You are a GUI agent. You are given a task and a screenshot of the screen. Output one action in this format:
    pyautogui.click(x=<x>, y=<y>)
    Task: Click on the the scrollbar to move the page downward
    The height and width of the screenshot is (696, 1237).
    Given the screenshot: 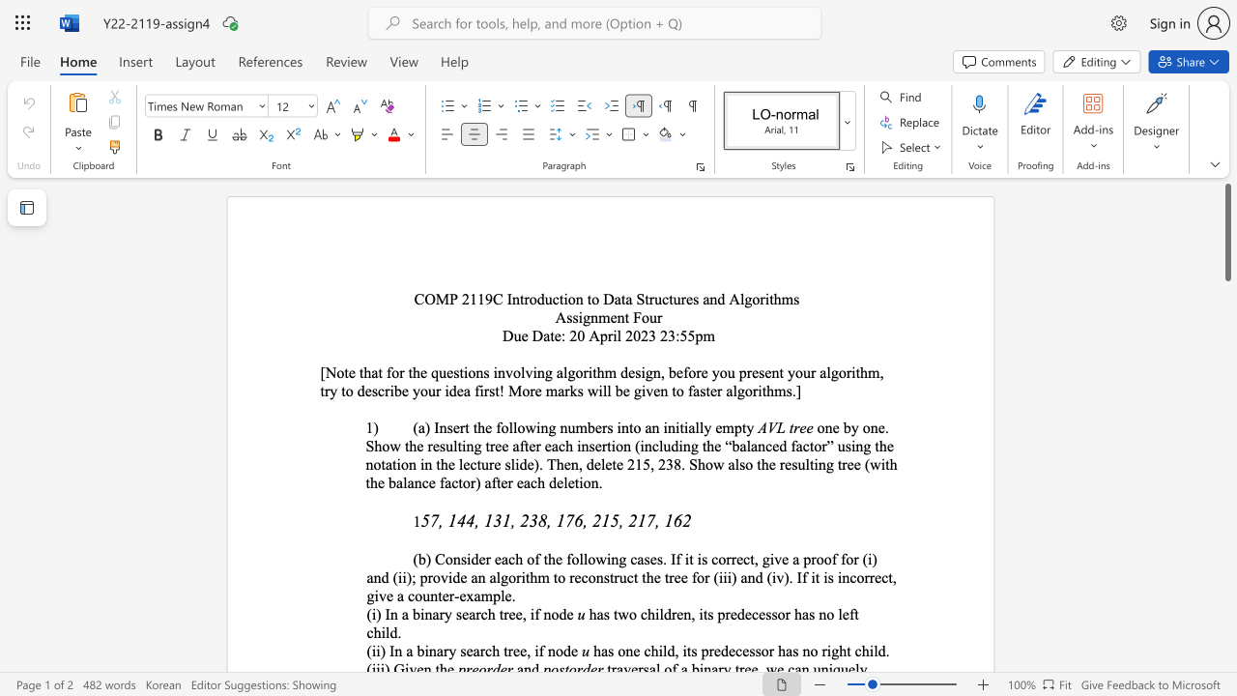 What is the action you would take?
    pyautogui.click(x=1226, y=541)
    